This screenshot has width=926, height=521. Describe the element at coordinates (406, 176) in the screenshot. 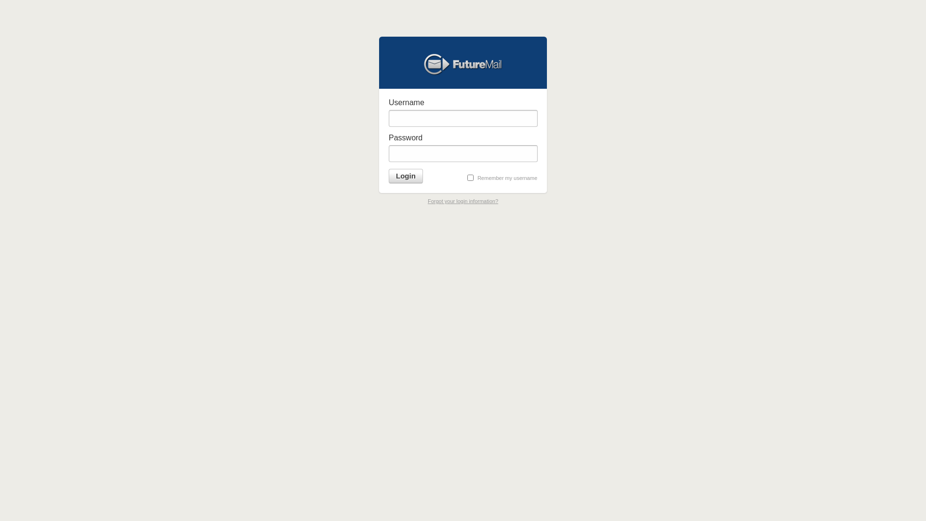

I see `'Login'` at that location.